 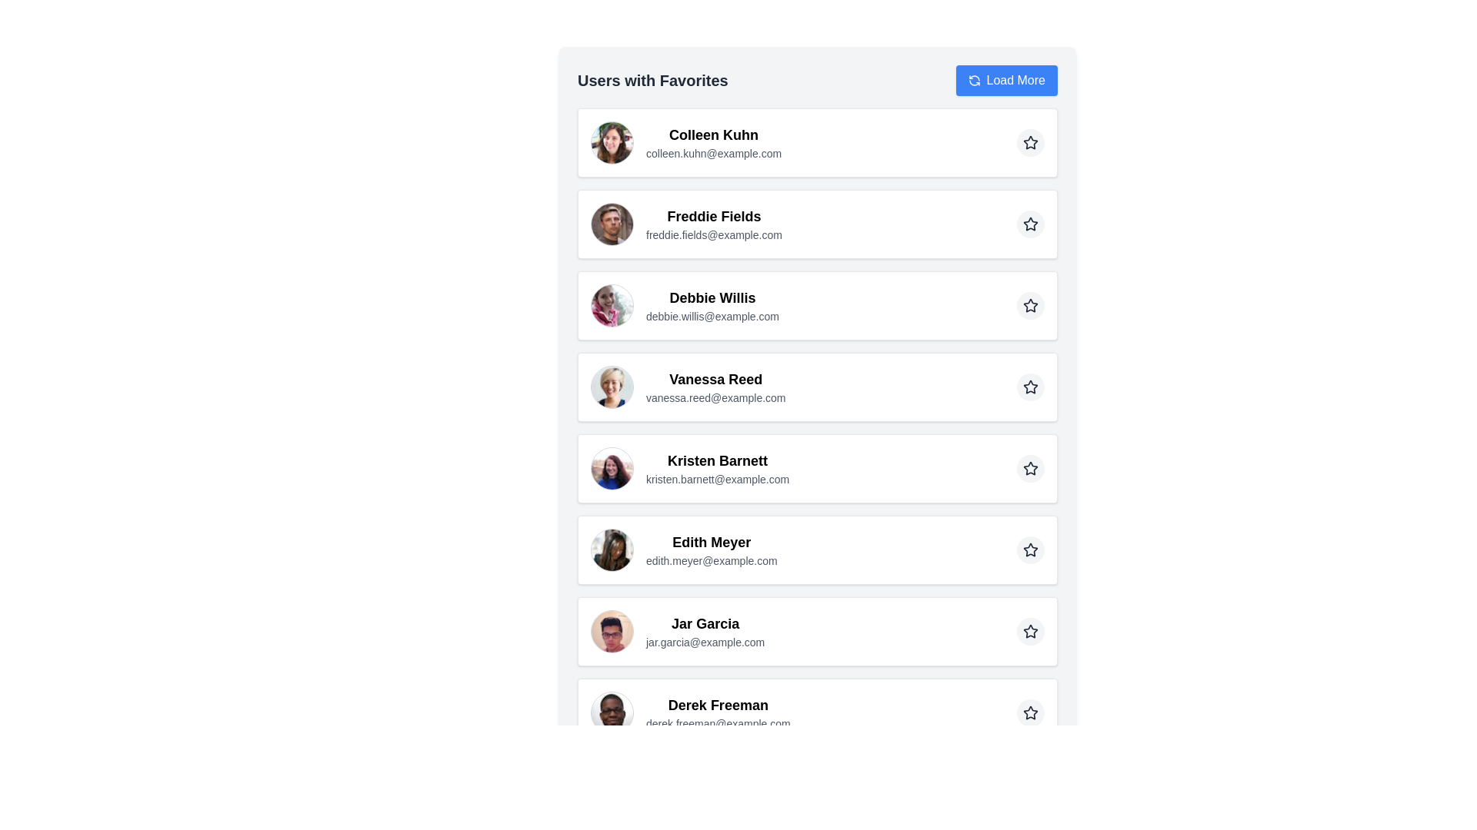 What do you see at coordinates (1030, 713) in the screenshot?
I see `the star icon located in the top-right corner of the user information card` at bounding box center [1030, 713].